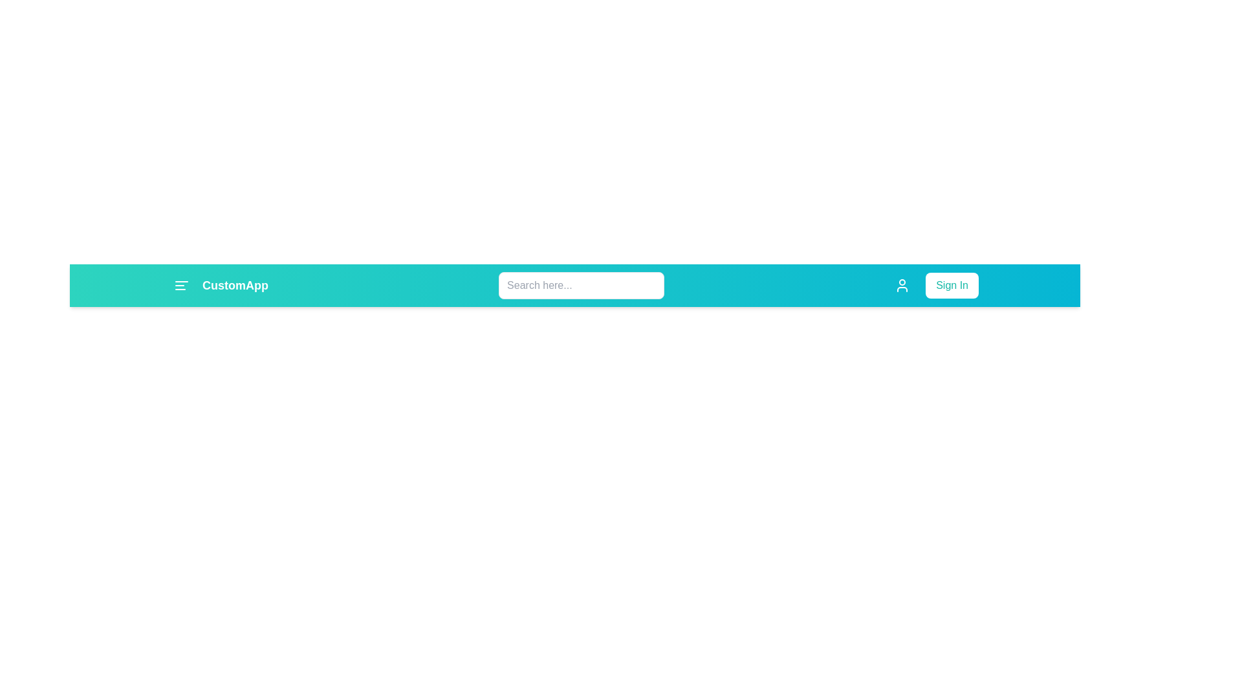 This screenshot has height=698, width=1242. Describe the element at coordinates (581, 285) in the screenshot. I see `the input field with the placeholder text 'Search here...'` at that location.